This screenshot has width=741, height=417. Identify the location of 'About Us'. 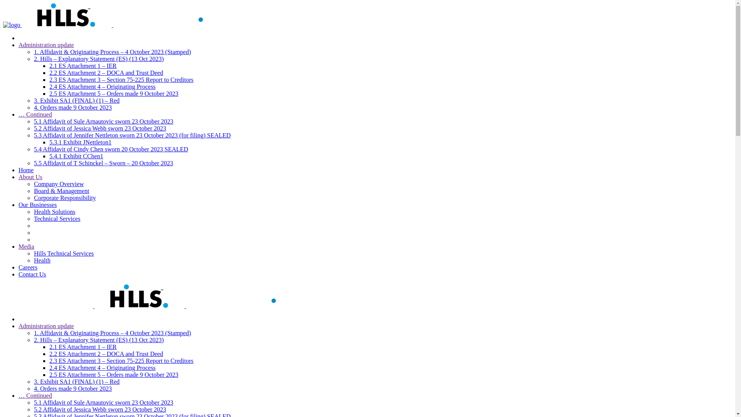
(30, 177).